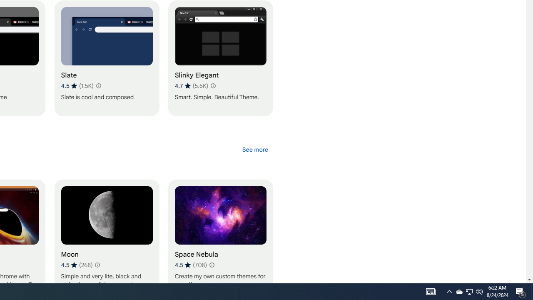 The width and height of the screenshot is (533, 300). What do you see at coordinates (77, 85) in the screenshot?
I see `'Average rating 4.5 out of 5 stars. 1.5K ratings.'` at bounding box center [77, 85].